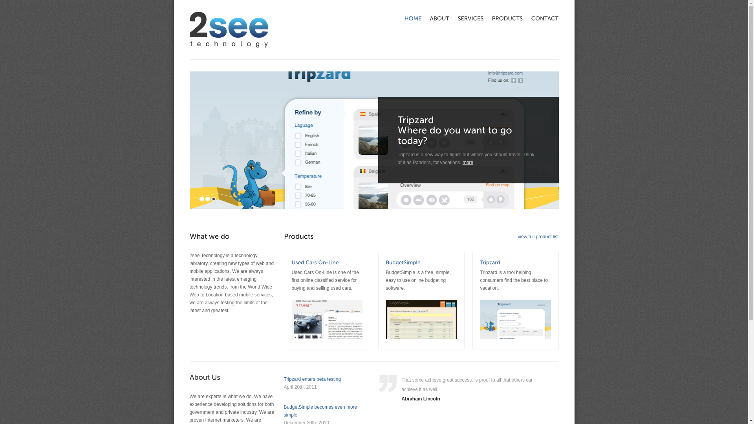 The height and width of the screenshot is (424, 754). Describe the element at coordinates (320, 410) in the screenshot. I see `'BudgetSimple becomes even more simple'` at that location.